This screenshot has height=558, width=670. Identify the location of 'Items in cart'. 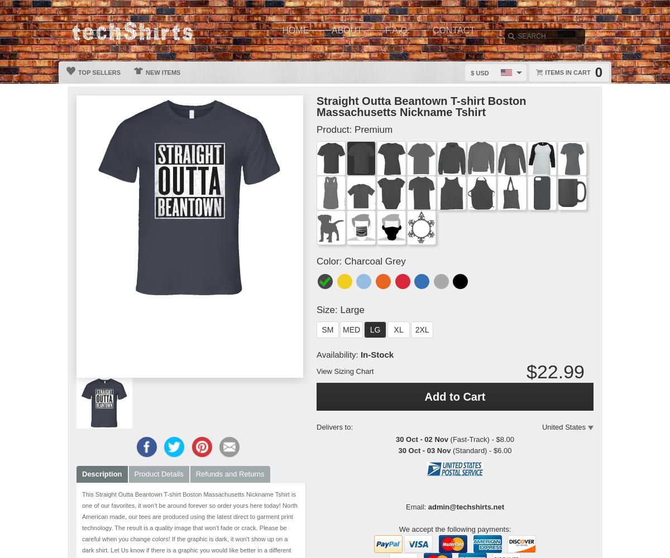
(567, 73).